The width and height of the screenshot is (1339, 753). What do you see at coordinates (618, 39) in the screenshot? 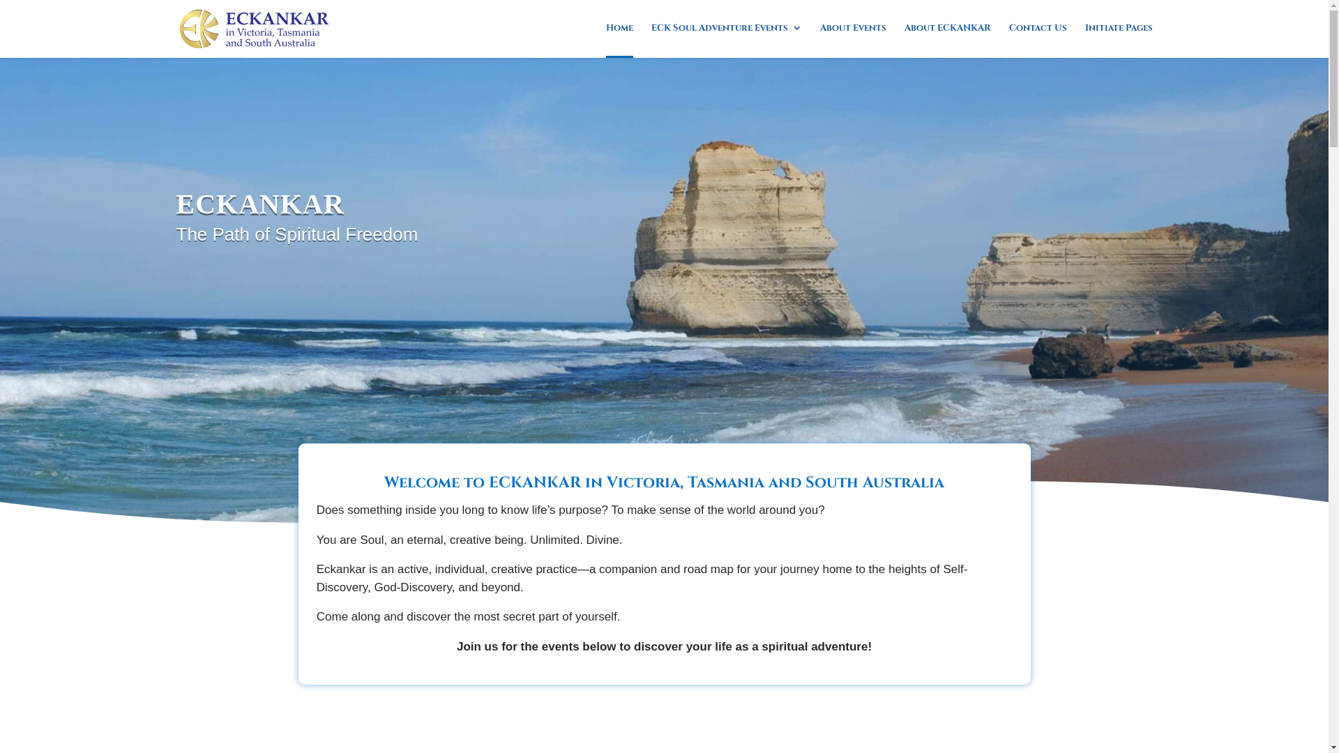
I see `'Home'` at bounding box center [618, 39].